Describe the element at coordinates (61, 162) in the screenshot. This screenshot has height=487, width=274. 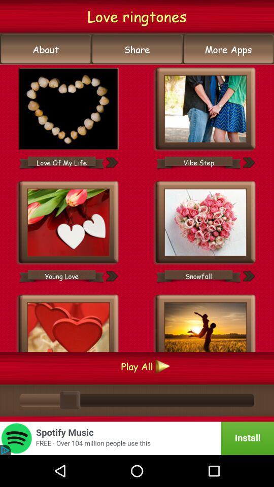
I see `love of my` at that location.